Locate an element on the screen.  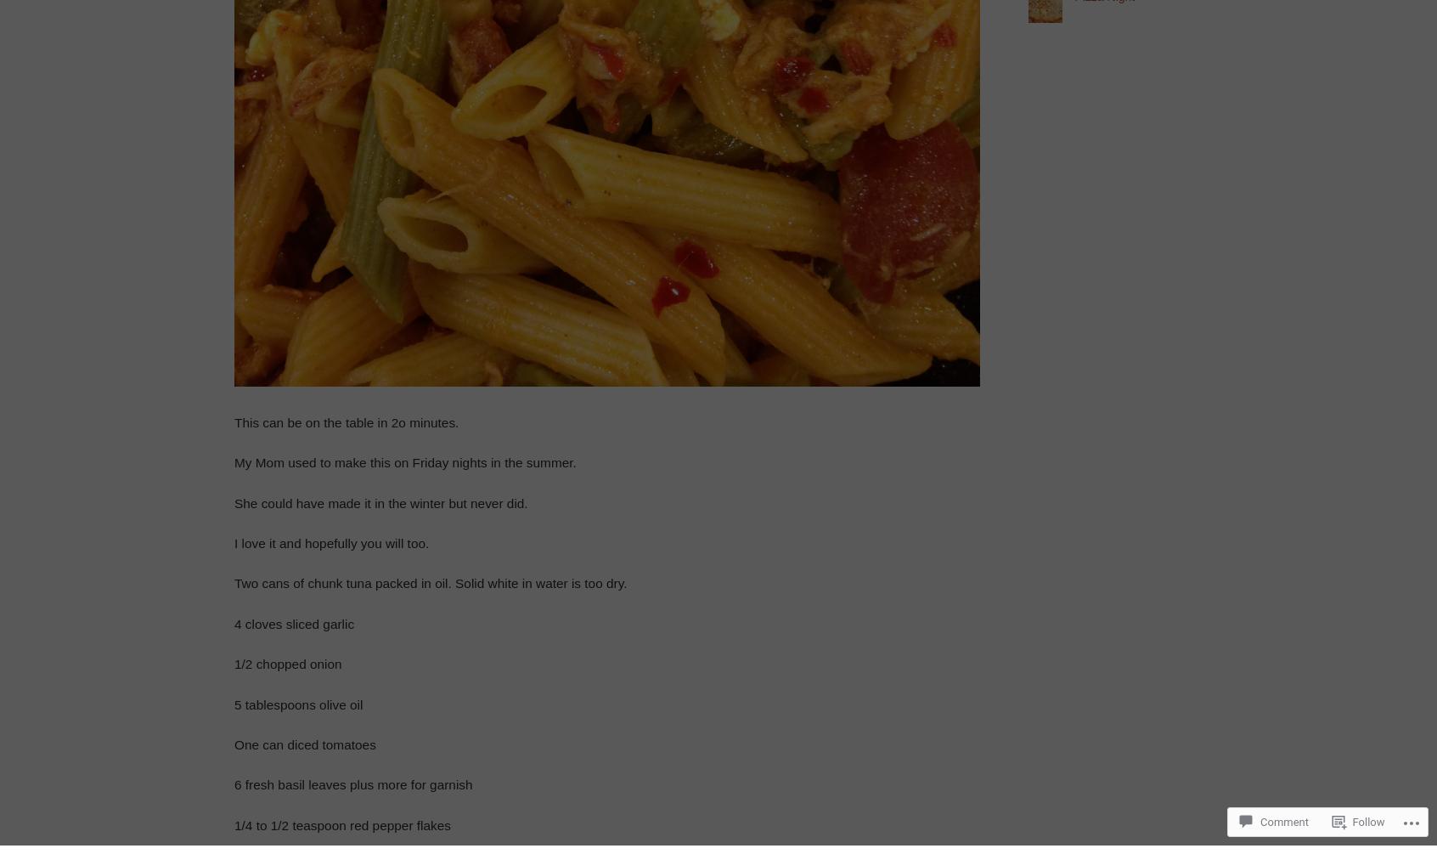
'1/2 chopped onion' is located at coordinates (287, 664).